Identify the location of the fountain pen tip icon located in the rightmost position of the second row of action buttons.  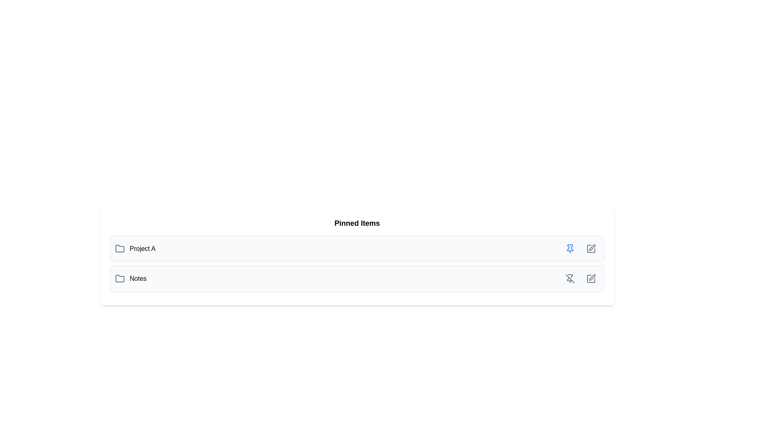
(592, 277).